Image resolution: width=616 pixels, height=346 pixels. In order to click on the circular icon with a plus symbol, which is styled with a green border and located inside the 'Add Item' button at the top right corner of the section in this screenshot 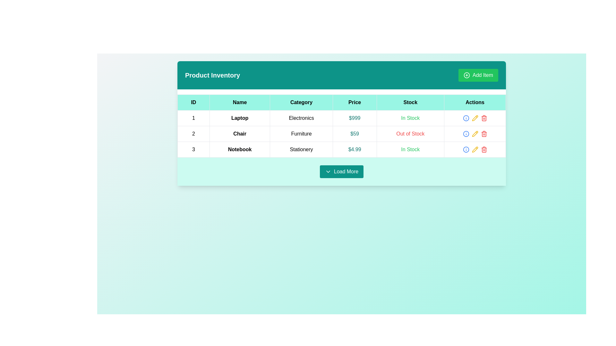, I will do `click(466, 75)`.